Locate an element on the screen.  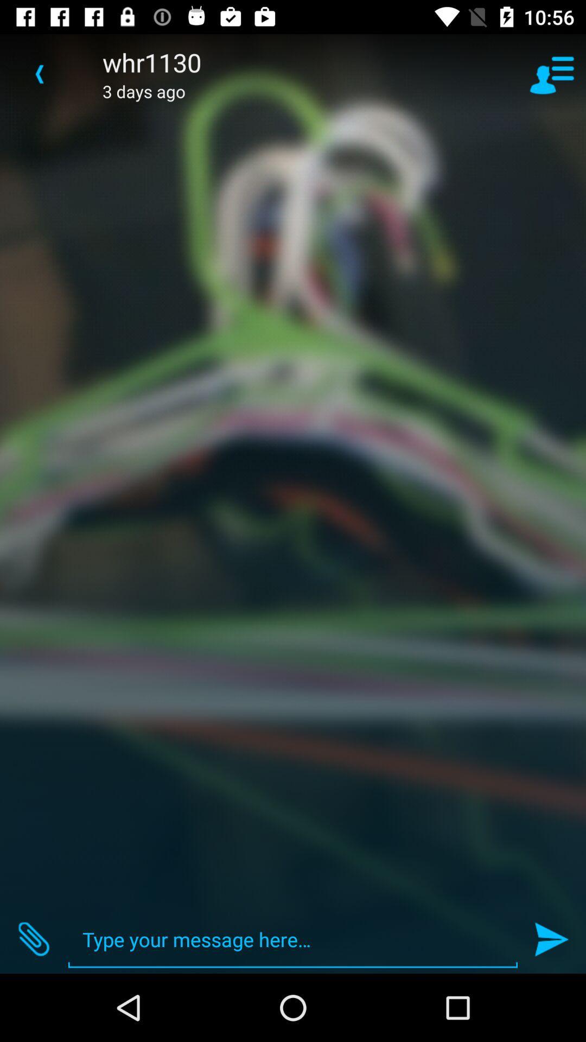
the item to the right of whr1130 is located at coordinates (552, 73).